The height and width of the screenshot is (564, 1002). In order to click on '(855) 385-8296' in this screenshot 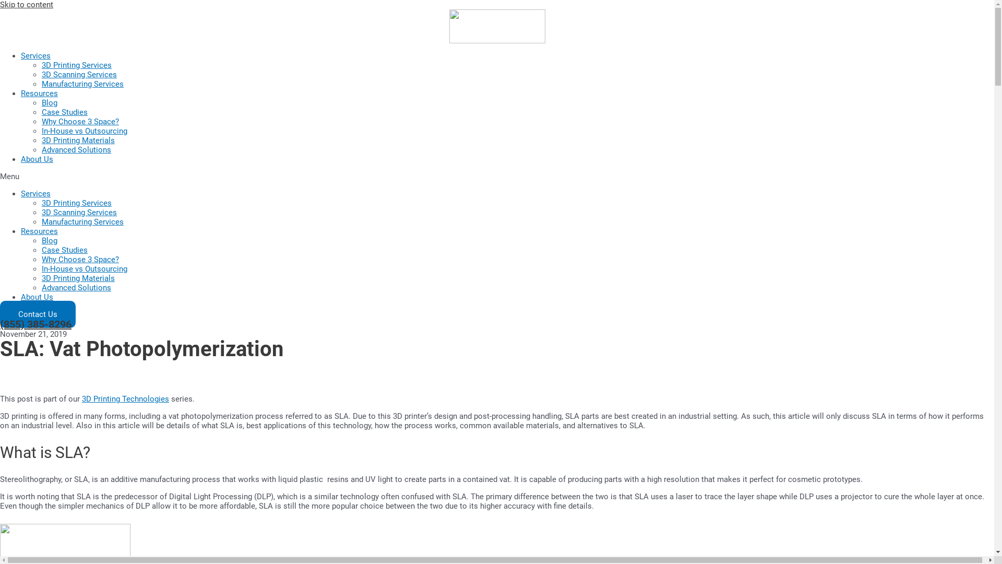, I will do `click(0, 324)`.